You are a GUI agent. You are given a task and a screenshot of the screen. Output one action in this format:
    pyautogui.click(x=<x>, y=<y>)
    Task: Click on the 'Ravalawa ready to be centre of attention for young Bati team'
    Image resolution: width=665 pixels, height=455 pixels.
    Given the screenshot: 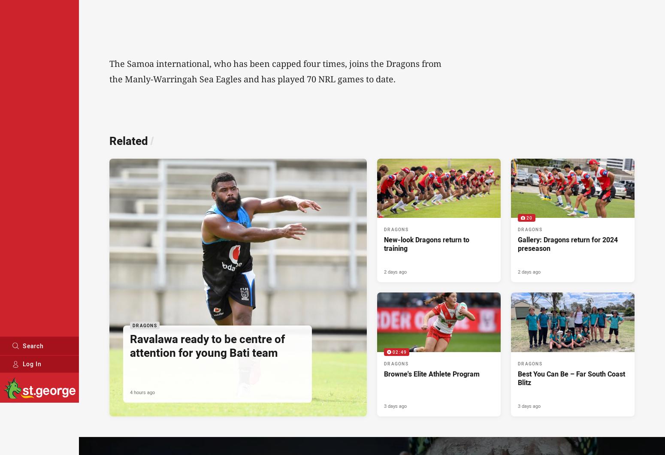 What is the action you would take?
    pyautogui.click(x=207, y=345)
    